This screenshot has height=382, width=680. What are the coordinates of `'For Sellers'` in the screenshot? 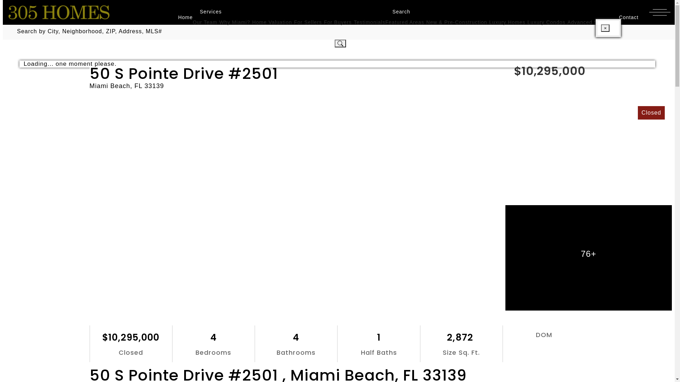 It's located at (294, 22).